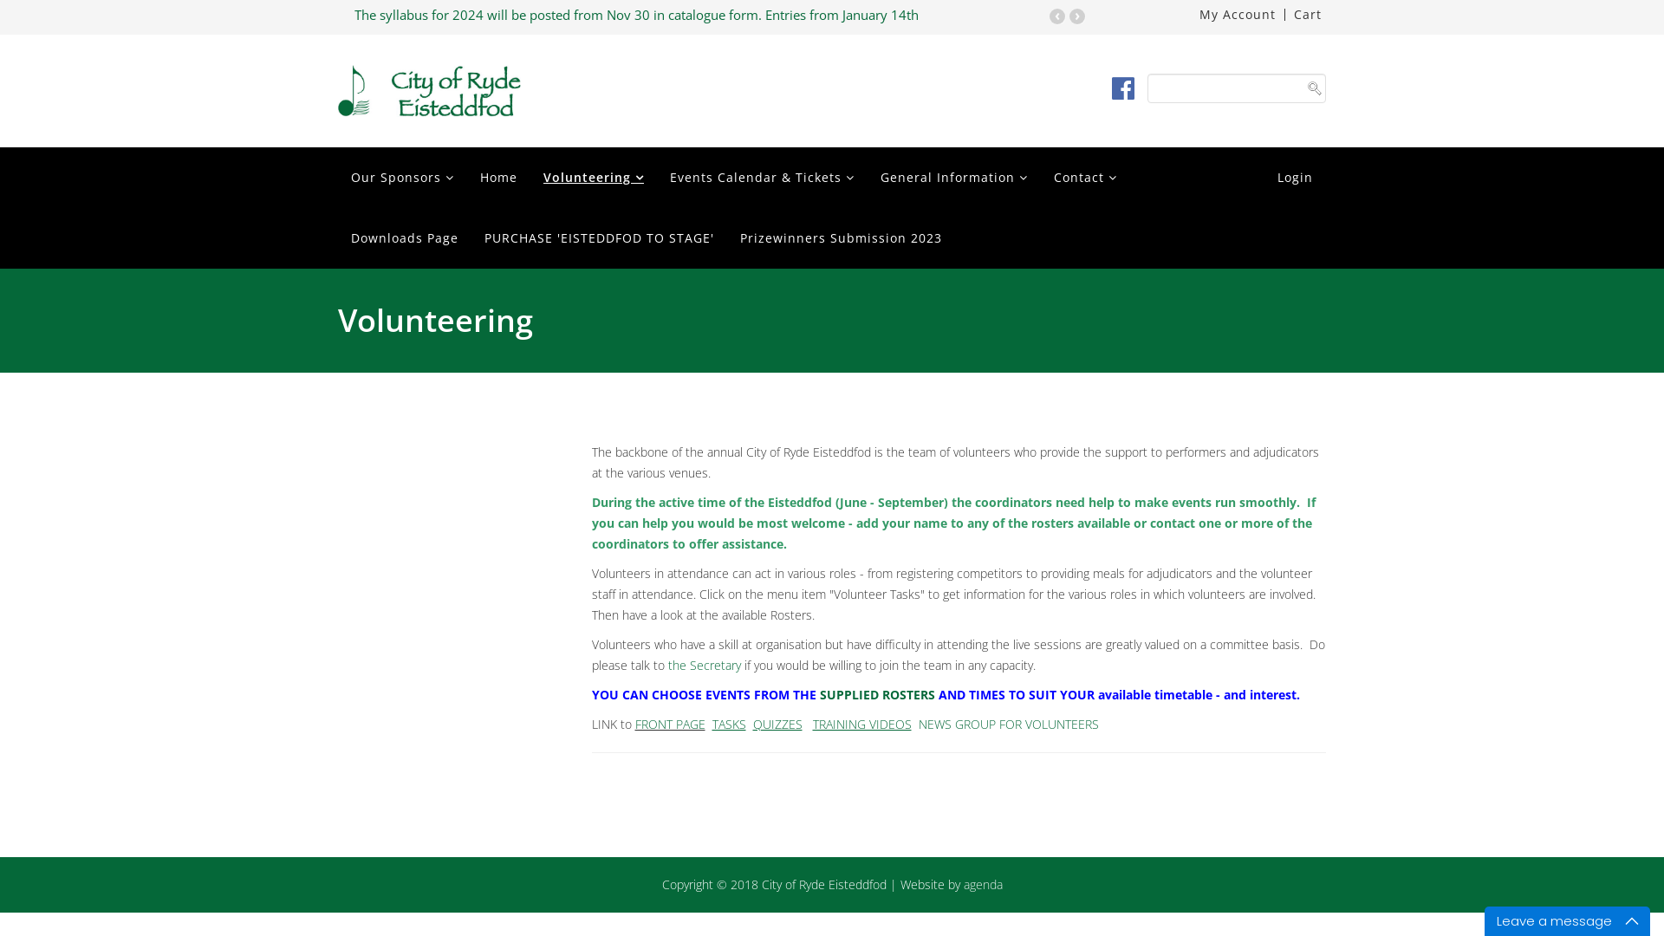 The height and width of the screenshot is (936, 1664). I want to click on 'Contact', so click(1084, 177).